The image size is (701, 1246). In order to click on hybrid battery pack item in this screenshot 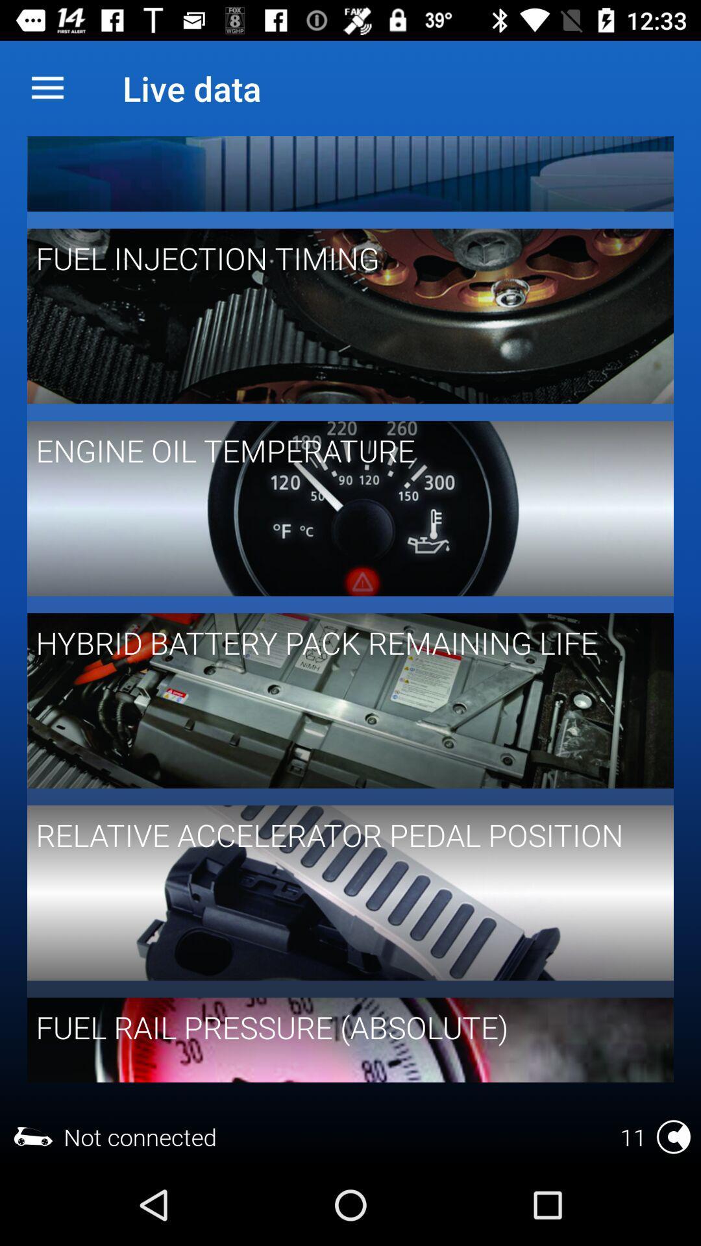, I will do `click(341, 642)`.